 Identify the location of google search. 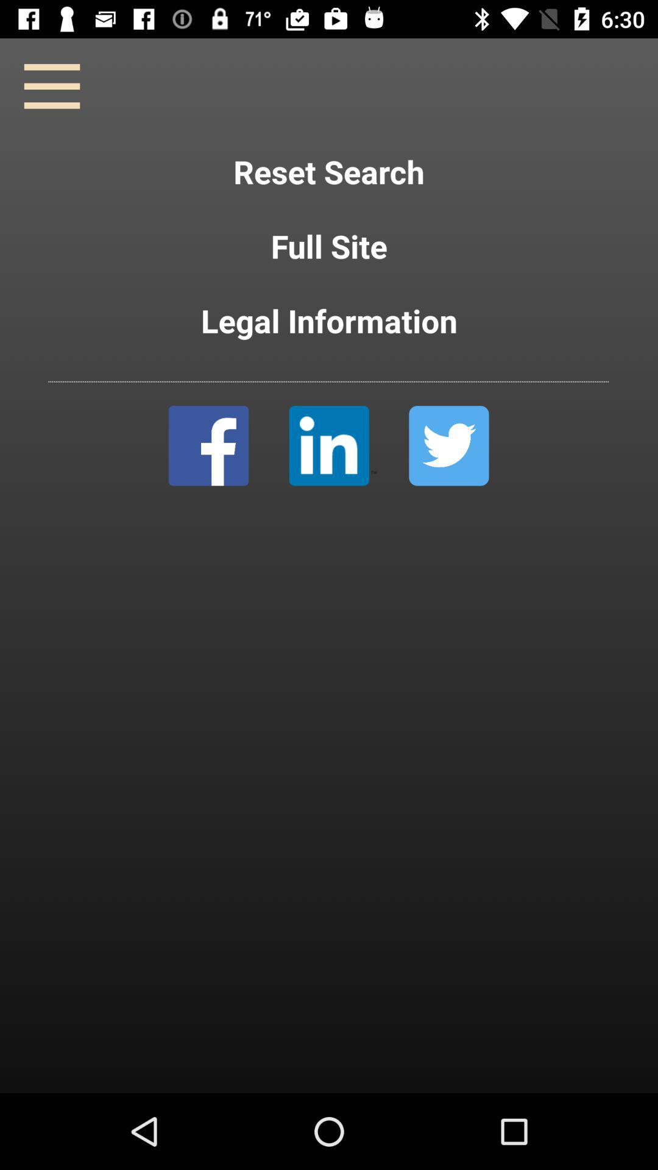
(333, 445).